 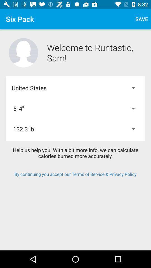 What do you see at coordinates (75, 108) in the screenshot?
I see `item below united states icon` at bounding box center [75, 108].